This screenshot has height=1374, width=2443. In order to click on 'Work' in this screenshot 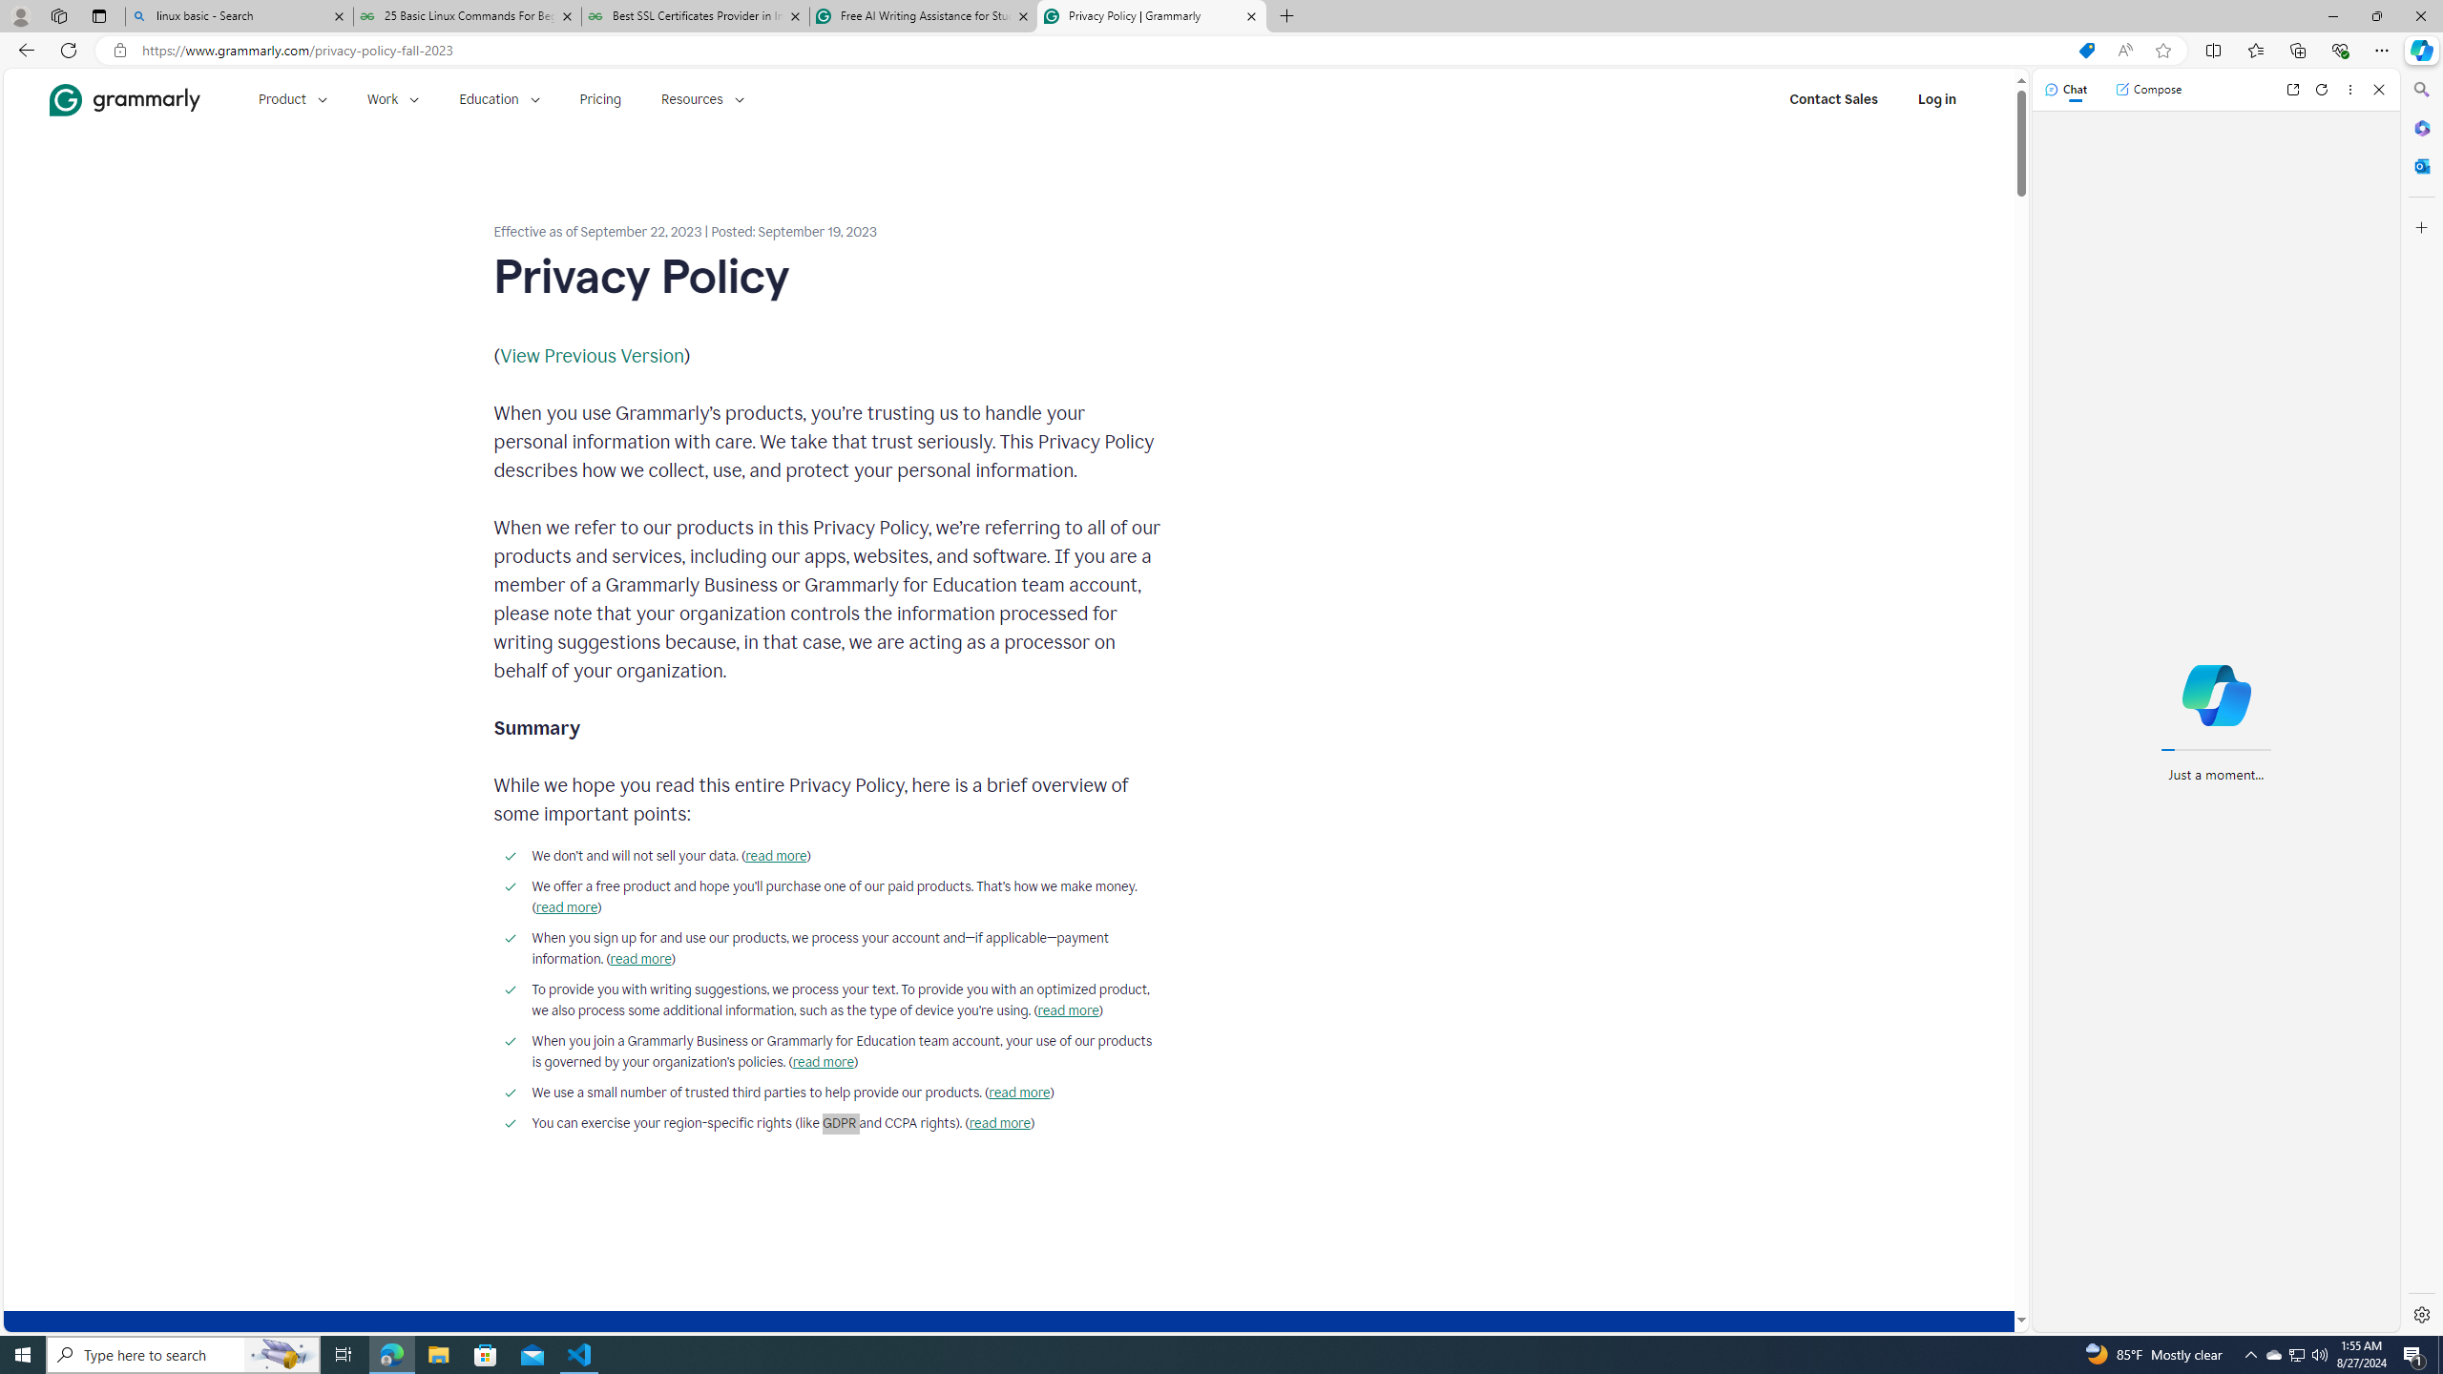, I will do `click(392, 98)`.